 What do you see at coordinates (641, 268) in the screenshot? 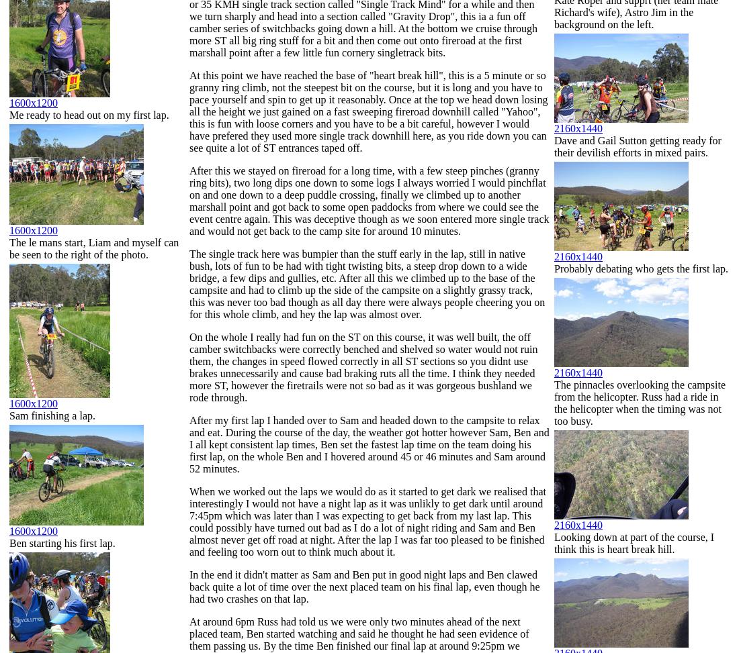
I see `'Probably debating who gets the first lap.'` at bounding box center [641, 268].